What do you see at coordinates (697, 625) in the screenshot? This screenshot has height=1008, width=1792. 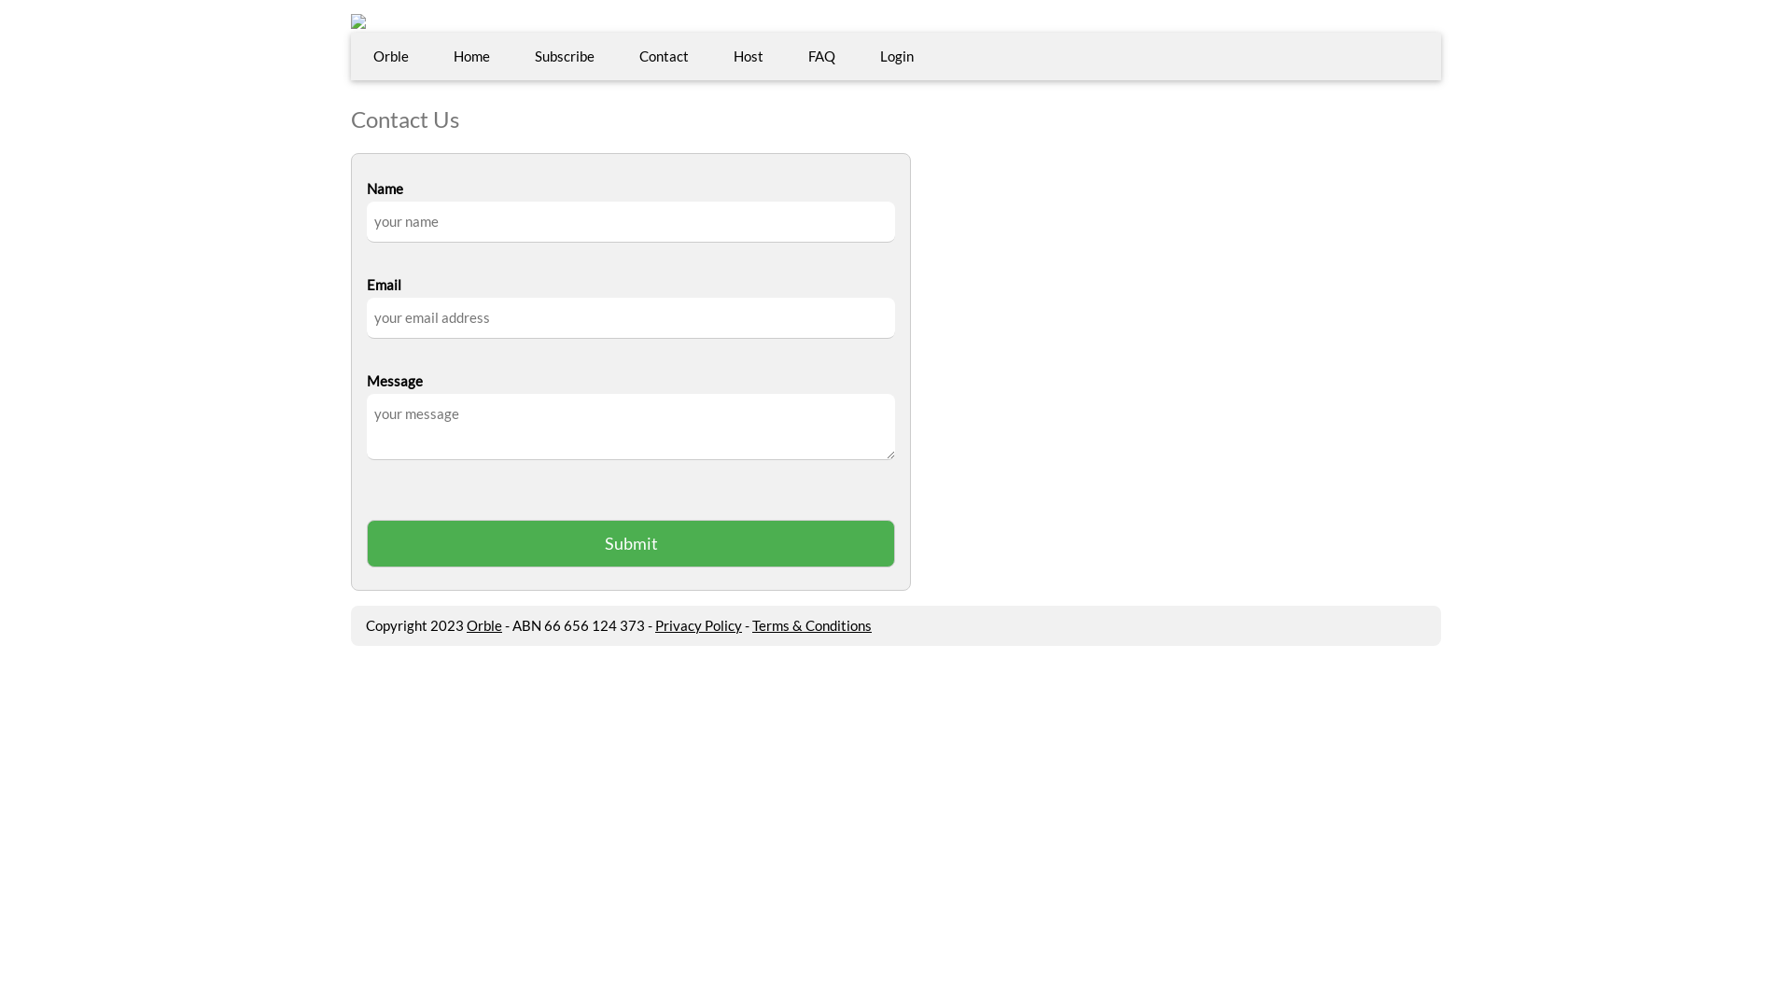 I see `'Privacy Policy'` at bounding box center [697, 625].